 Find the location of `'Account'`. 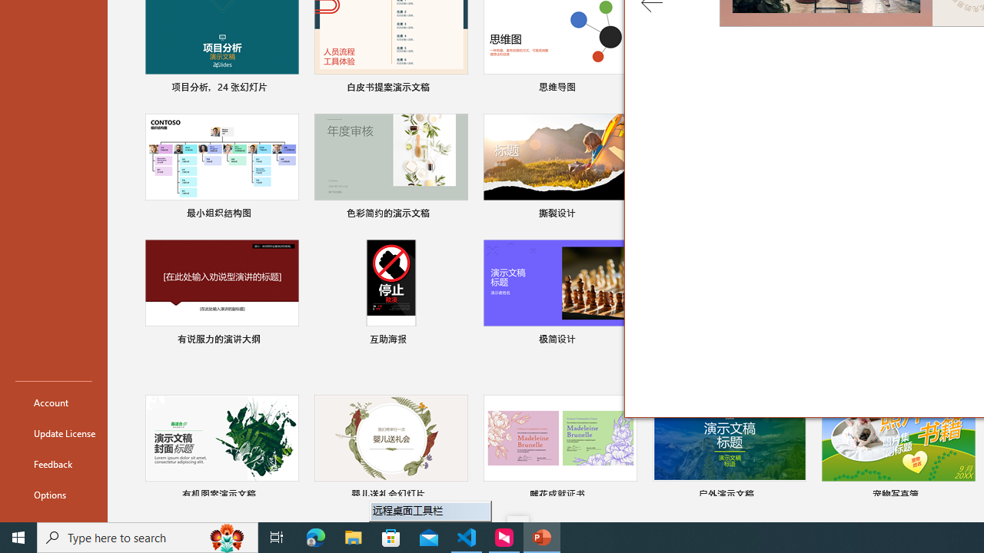

'Account' is located at coordinates (53, 402).